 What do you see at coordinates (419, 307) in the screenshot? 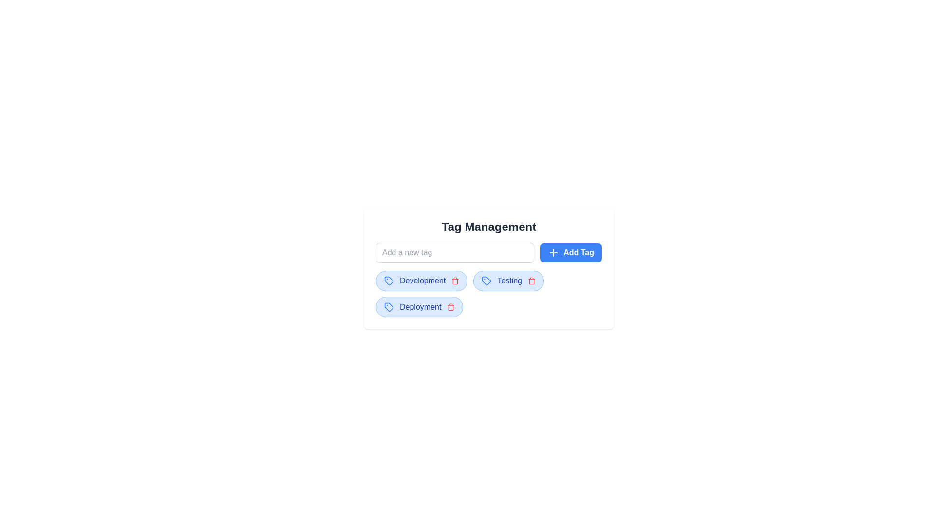
I see `the tag labeled Deployment to observe the hover effect` at bounding box center [419, 307].